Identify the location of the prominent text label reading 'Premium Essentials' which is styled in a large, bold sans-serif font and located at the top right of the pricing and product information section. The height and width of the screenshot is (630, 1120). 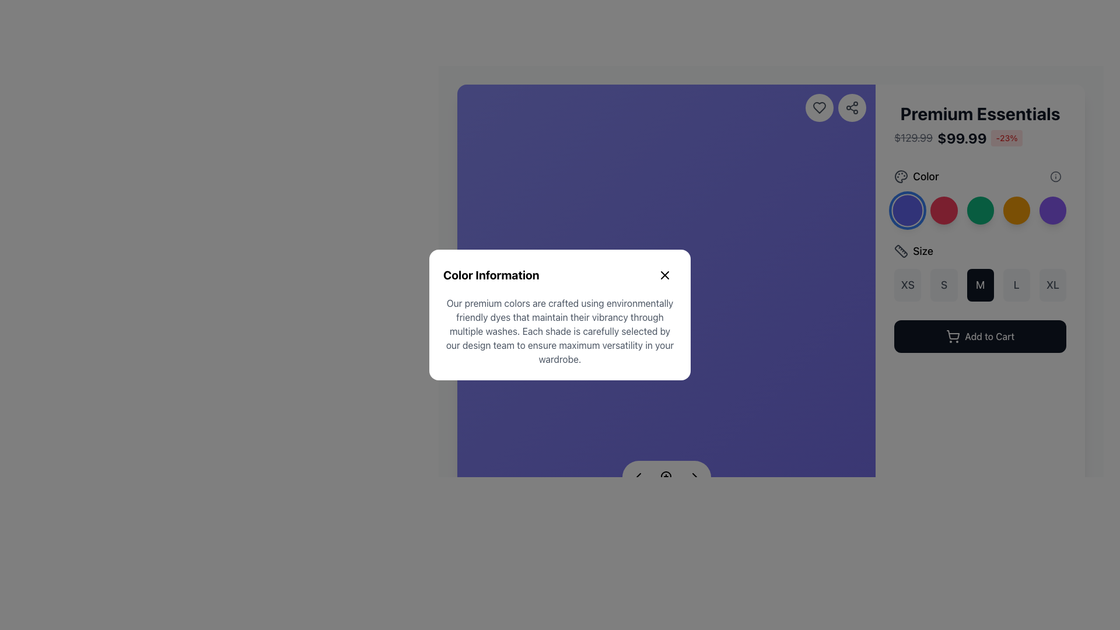
(980, 114).